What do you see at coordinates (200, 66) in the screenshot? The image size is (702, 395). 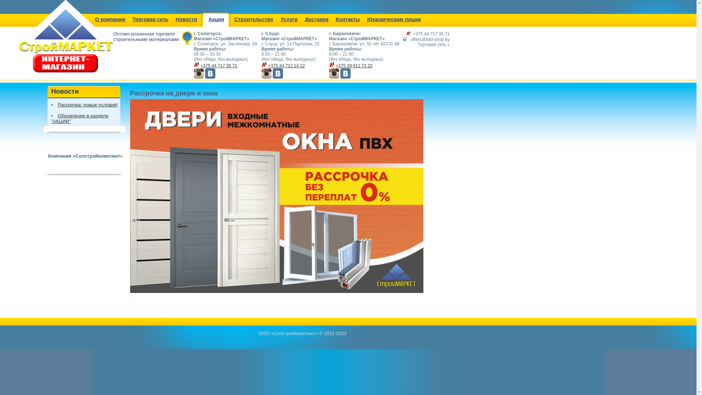 I see `'+375 44 717 35 71'` at bounding box center [200, 66].